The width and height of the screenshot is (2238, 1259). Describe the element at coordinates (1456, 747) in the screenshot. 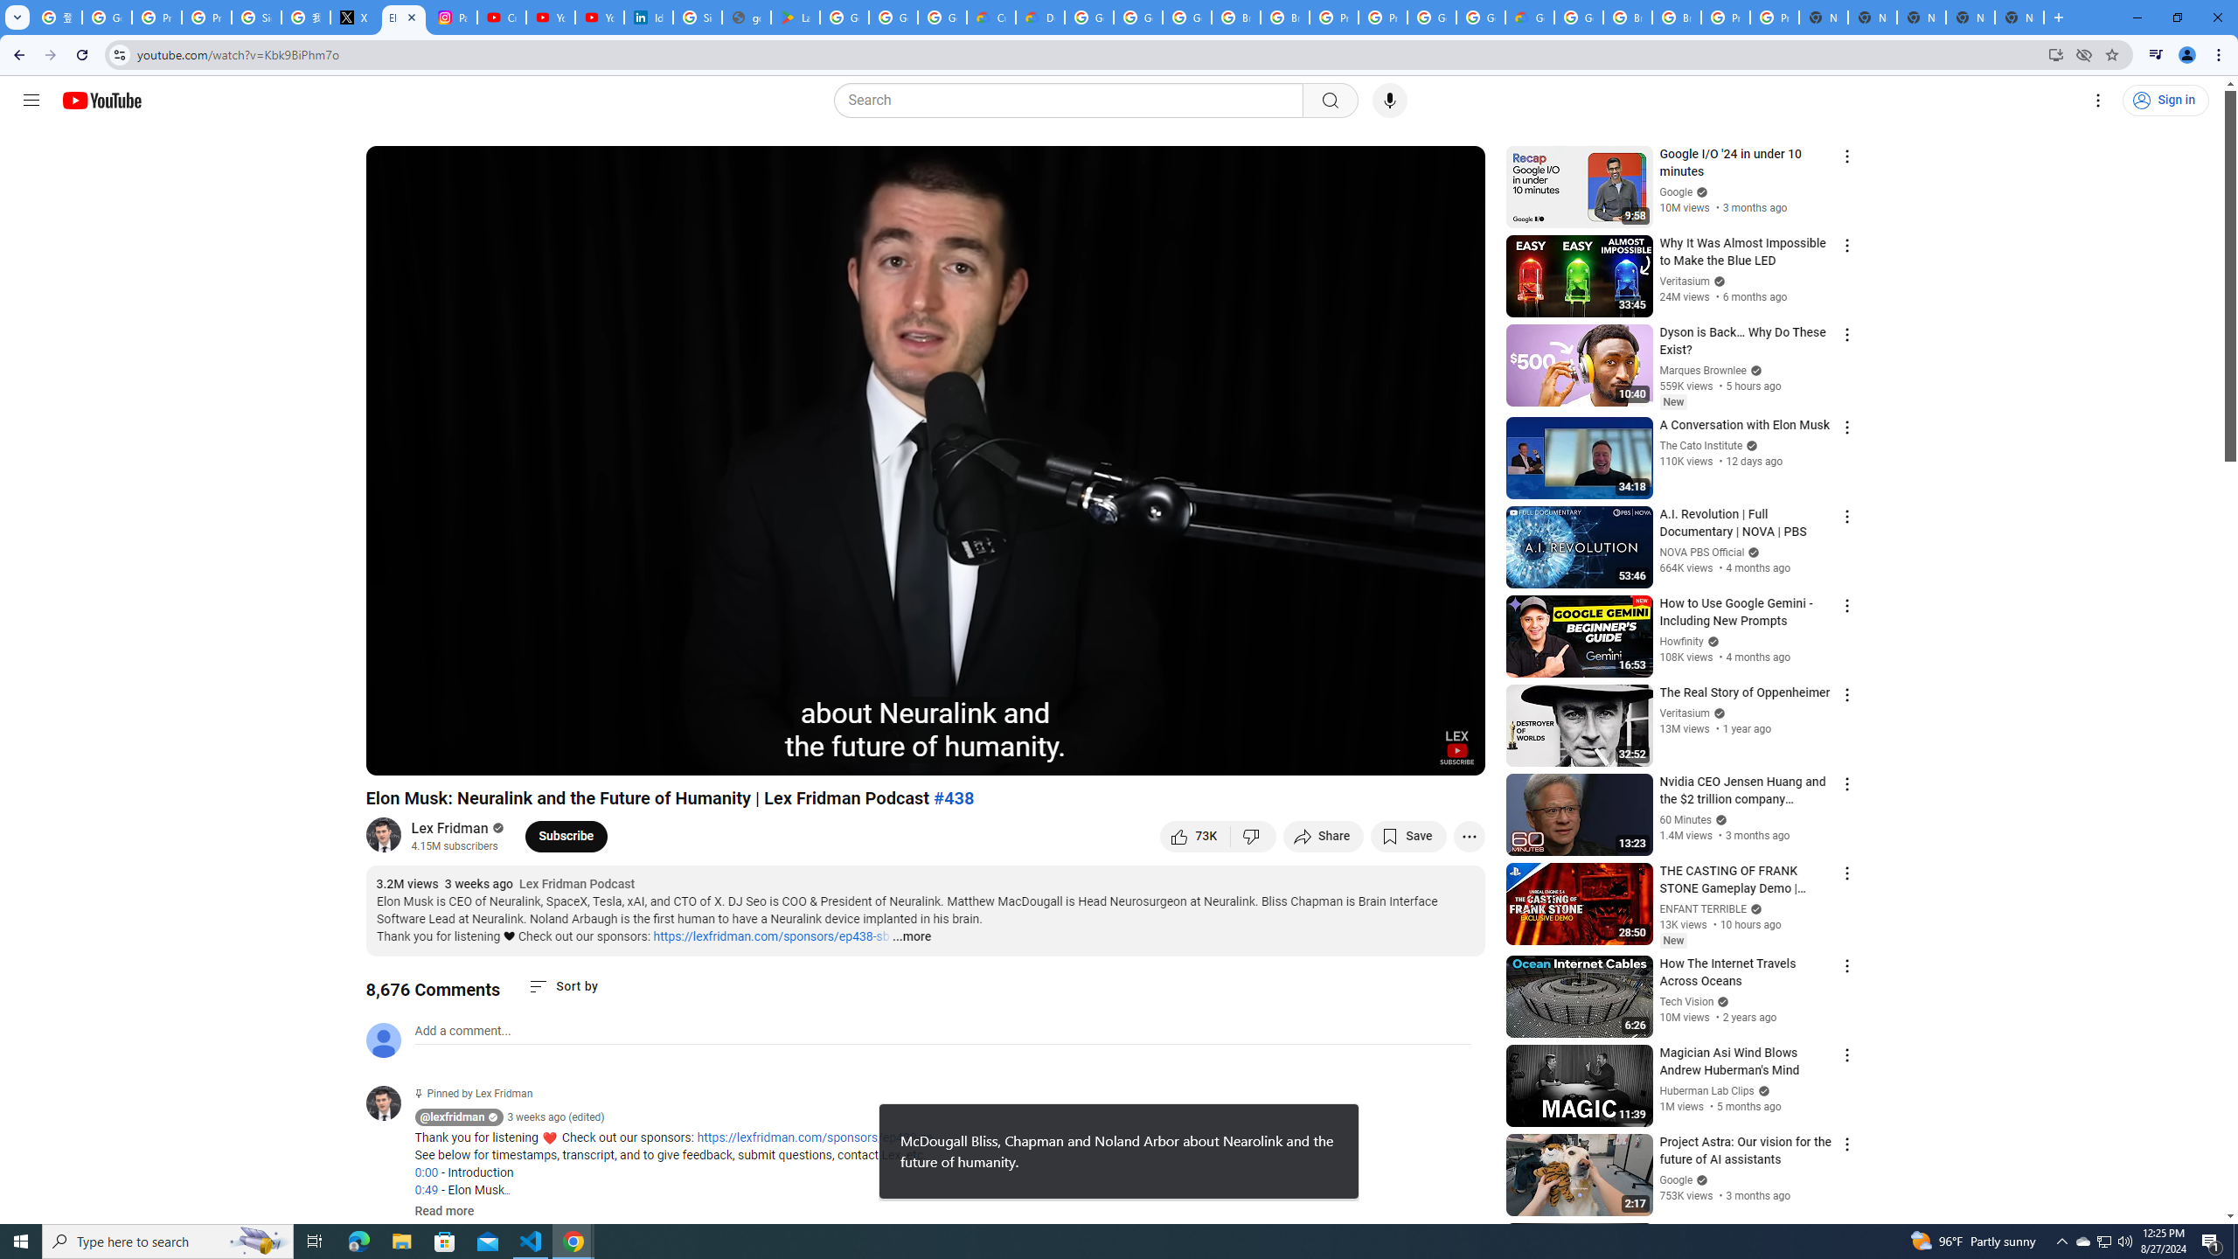

I see `'Channel watermark'` at that location.